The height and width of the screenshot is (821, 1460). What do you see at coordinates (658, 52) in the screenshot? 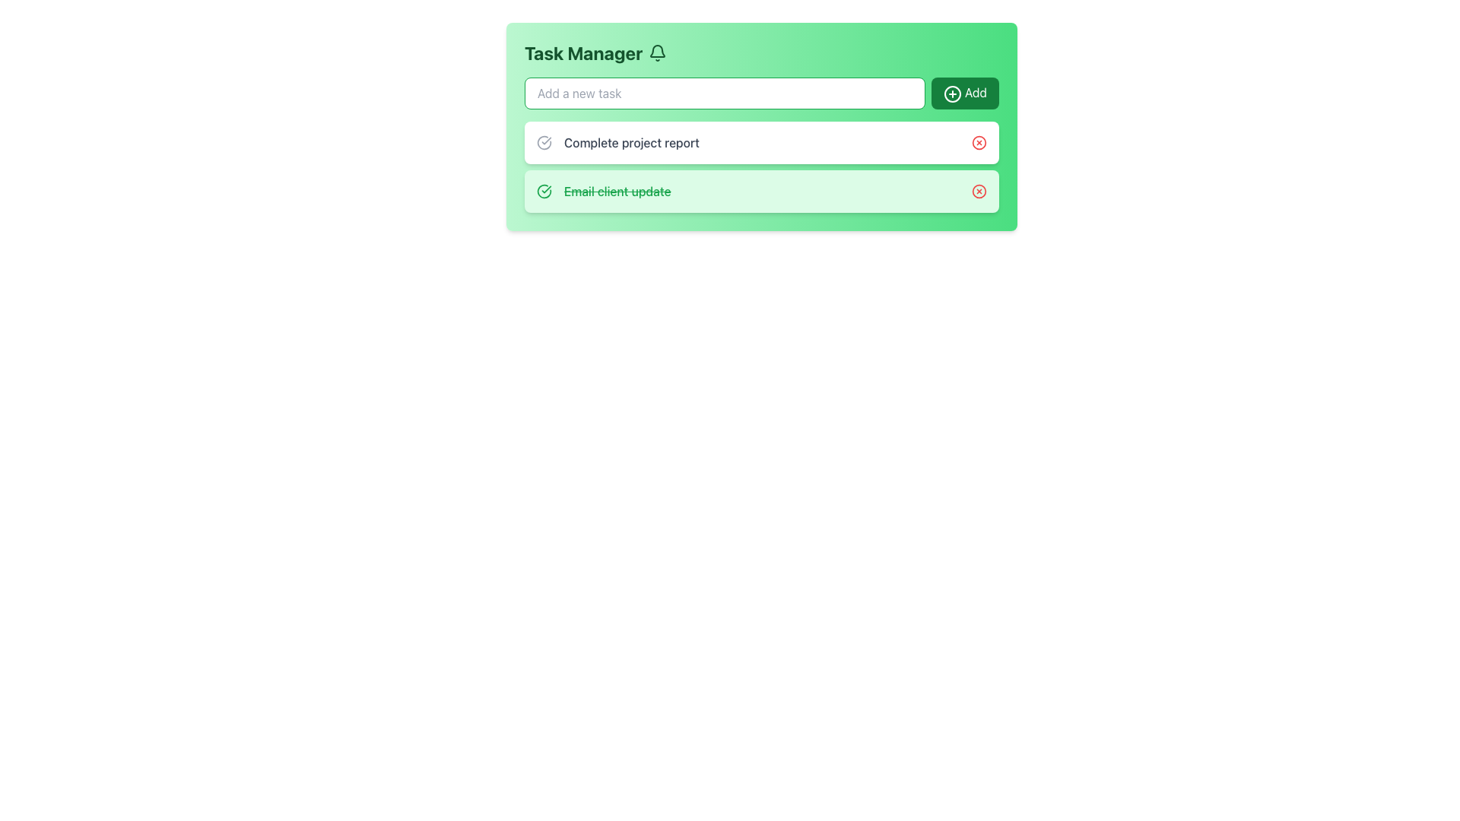
I see `the notification indicator icon for the 'Task Manager' application, which is located immediately to the right of the 'Task Manager' text in the header interface` at bounding box center [658, 52].